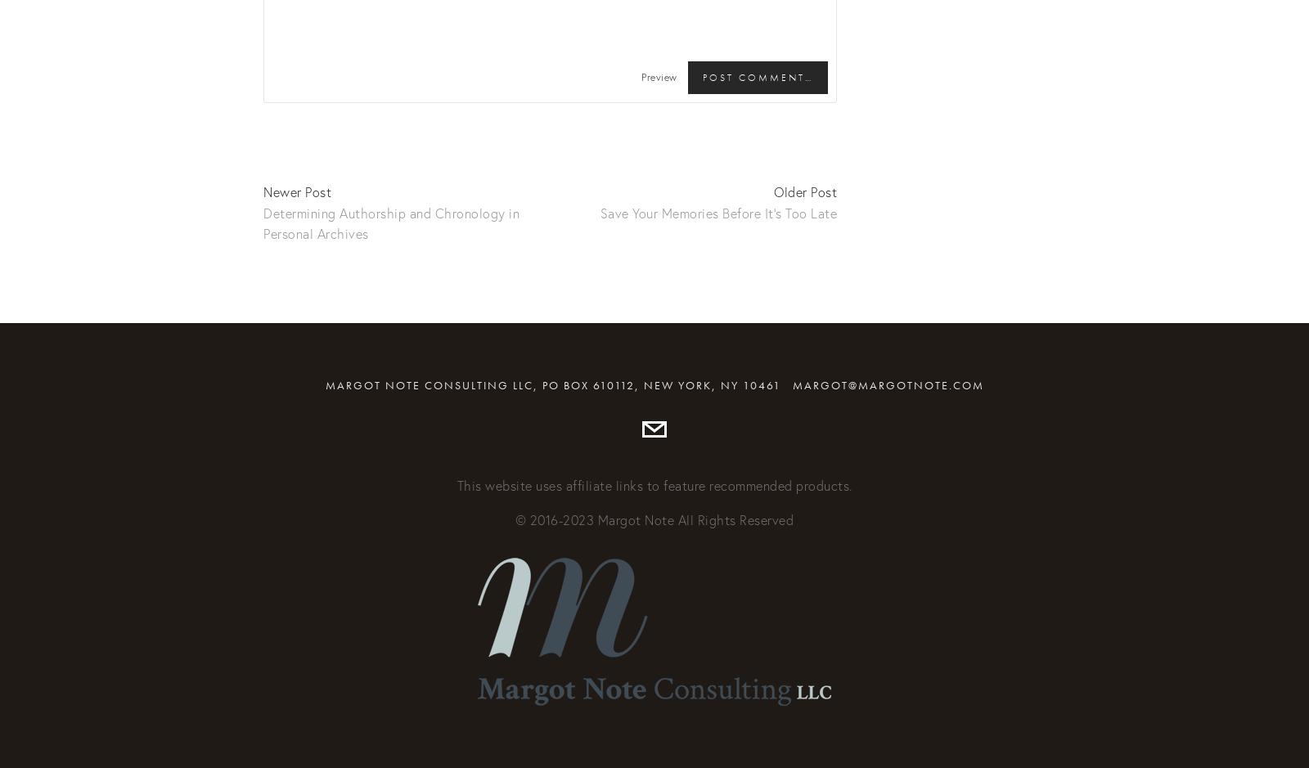  I want to click on 'Save Your Memories Before It's Too Late', so click(599, 211).